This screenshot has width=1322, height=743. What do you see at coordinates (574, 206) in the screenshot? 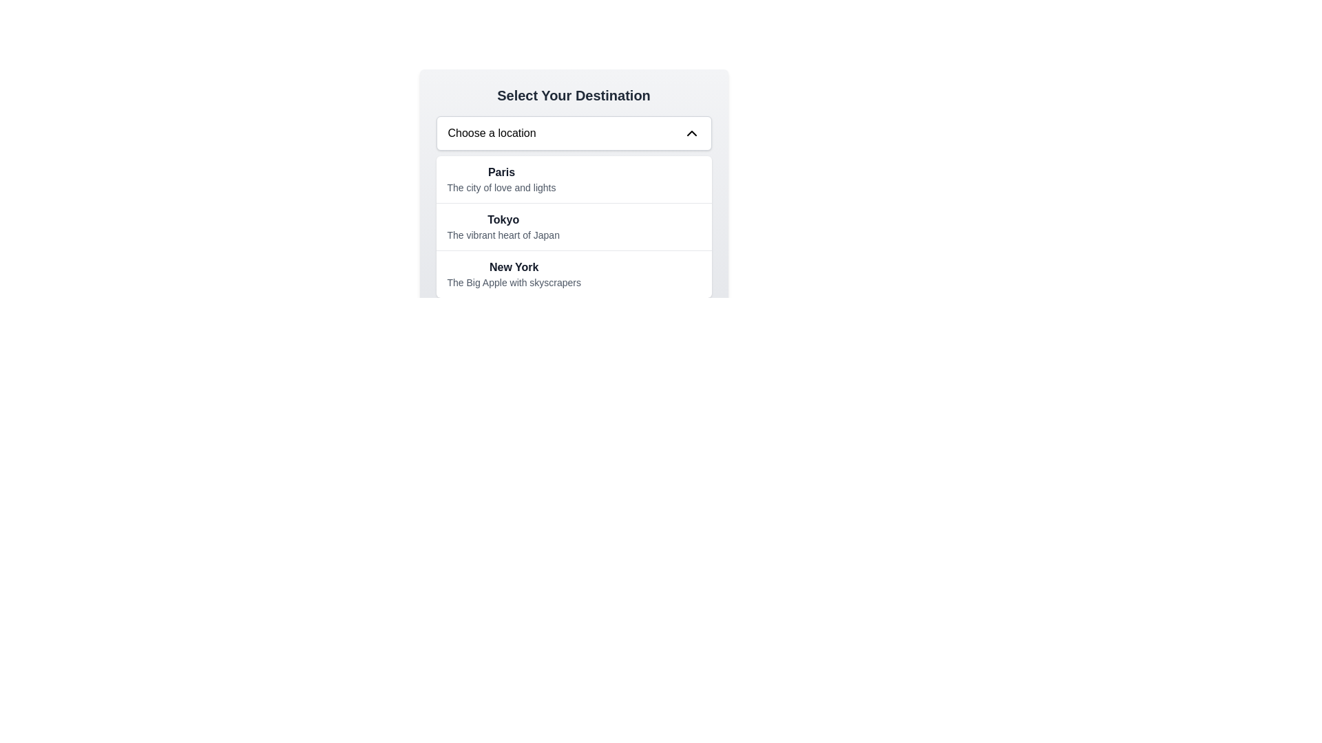
I see `the second item in the dropdown menu labeled 'Choose a location'` at bounding box center [574, 206].